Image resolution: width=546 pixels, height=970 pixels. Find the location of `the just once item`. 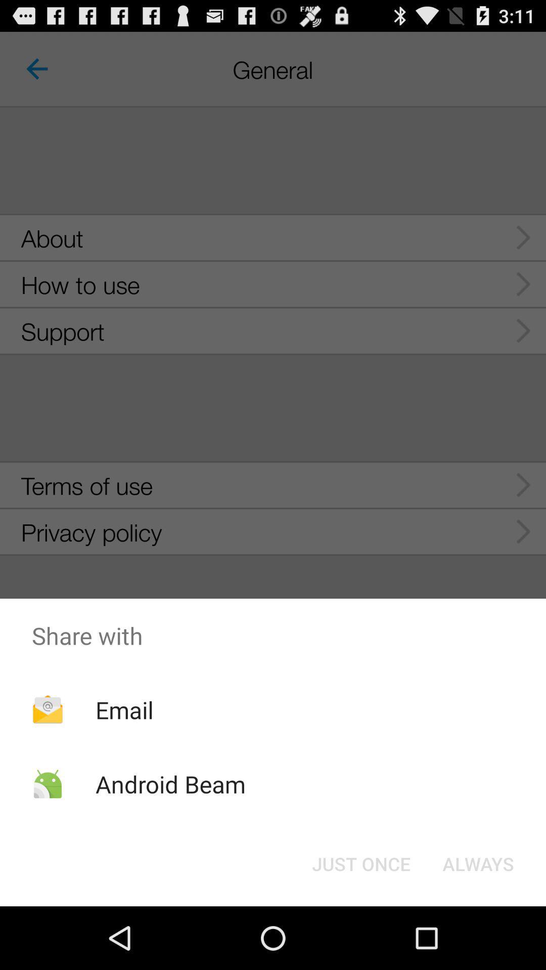

the just once item is located at coordinates (360, 863).